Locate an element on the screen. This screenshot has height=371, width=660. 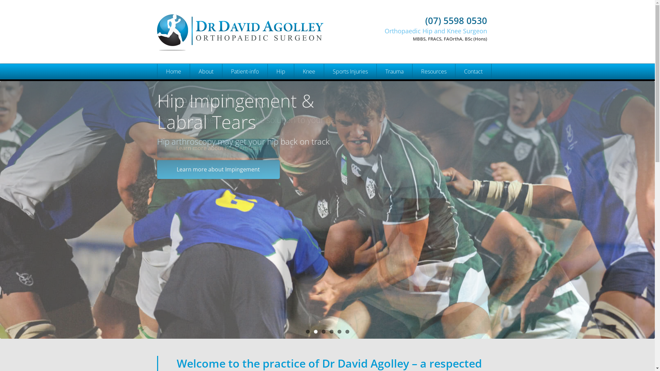
'Knee Meniscal Tear' is located at coordinates (350, 164).